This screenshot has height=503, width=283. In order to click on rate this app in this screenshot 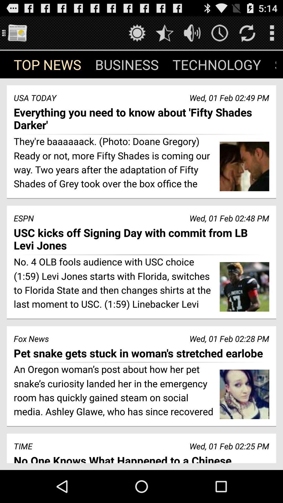, I will do `click(164, 32)`.